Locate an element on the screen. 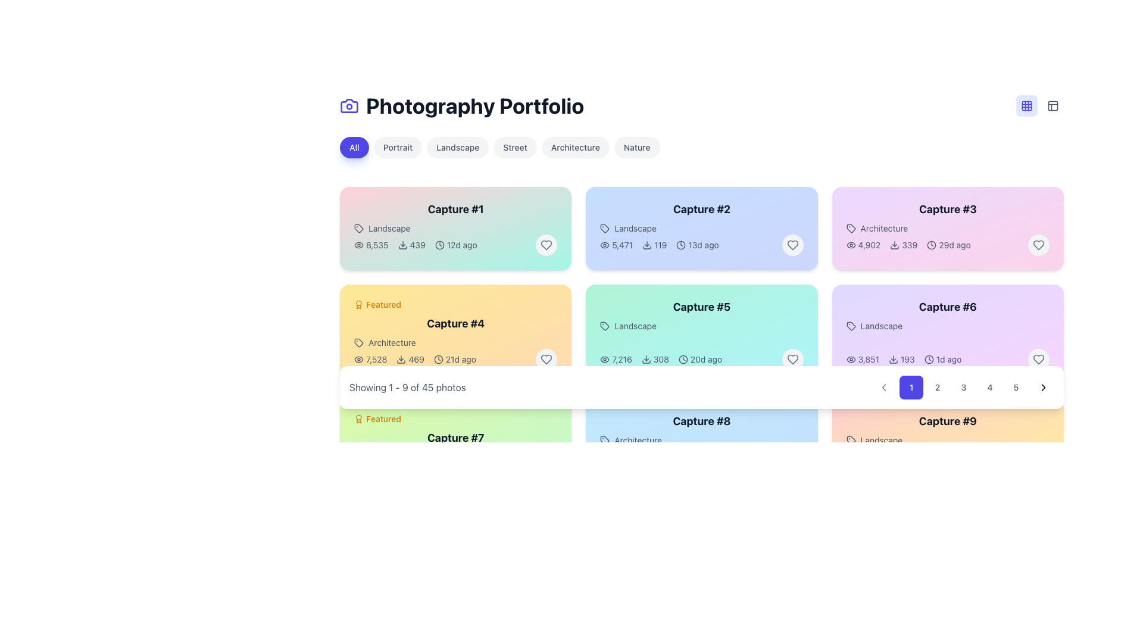 The image size is (1143, 643). informational text and icon row displaying metadata such as views, downloads, and last update time for the content in 'Capture #4' is located at coordinates (415, 359).